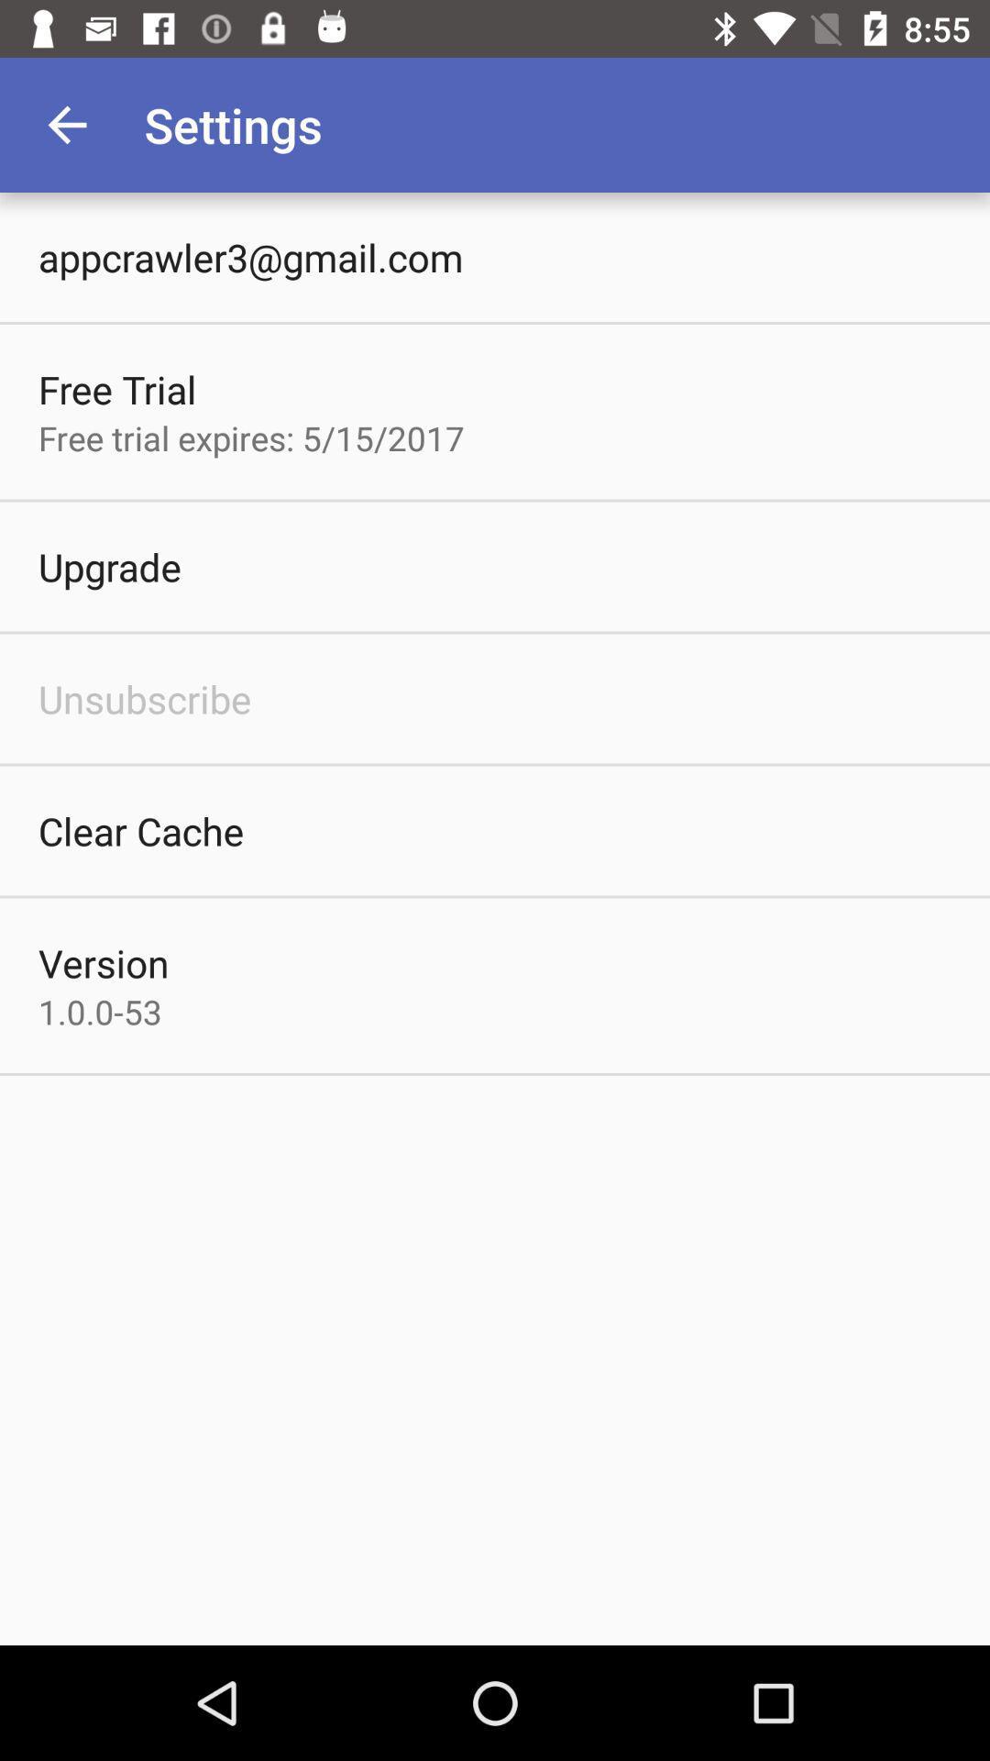 This screenshot has height=1761, width=990. Describe the element at coordinates (144, 698) in the screenshot. I see `icon above the clear cache icon` at that location.